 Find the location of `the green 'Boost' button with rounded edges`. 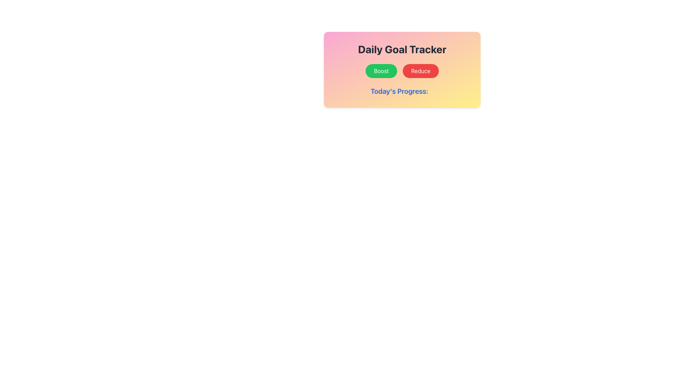

the green 'Boost' button with rounded edges is located at coordinates (381, 71).